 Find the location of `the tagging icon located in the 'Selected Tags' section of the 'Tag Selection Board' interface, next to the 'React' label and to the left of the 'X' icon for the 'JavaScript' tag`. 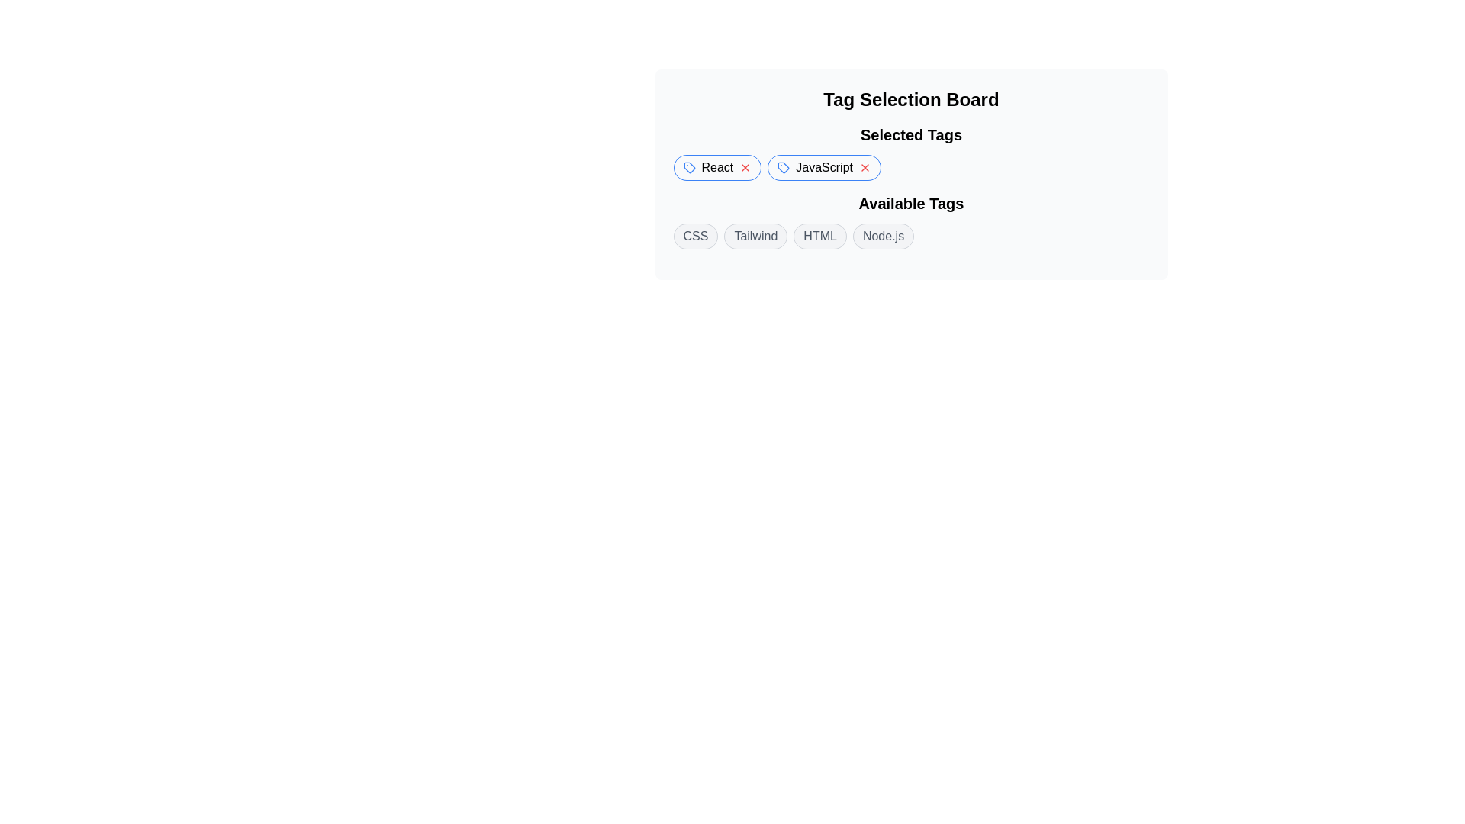

the tagging icon located in the 'Selected Tags' section of the 'Tag Selection Board' interface, next to the 'React' label and to the left of the 'X' icon for the 'JavaScript' tag is located at coordinates (784, 167).